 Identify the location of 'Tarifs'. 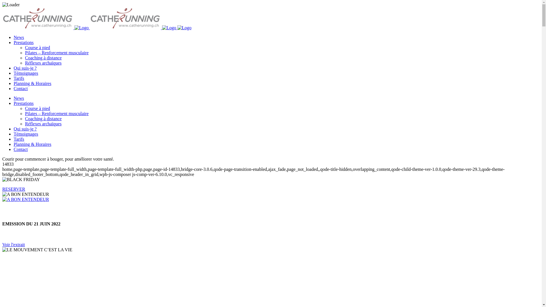
(19, 78).